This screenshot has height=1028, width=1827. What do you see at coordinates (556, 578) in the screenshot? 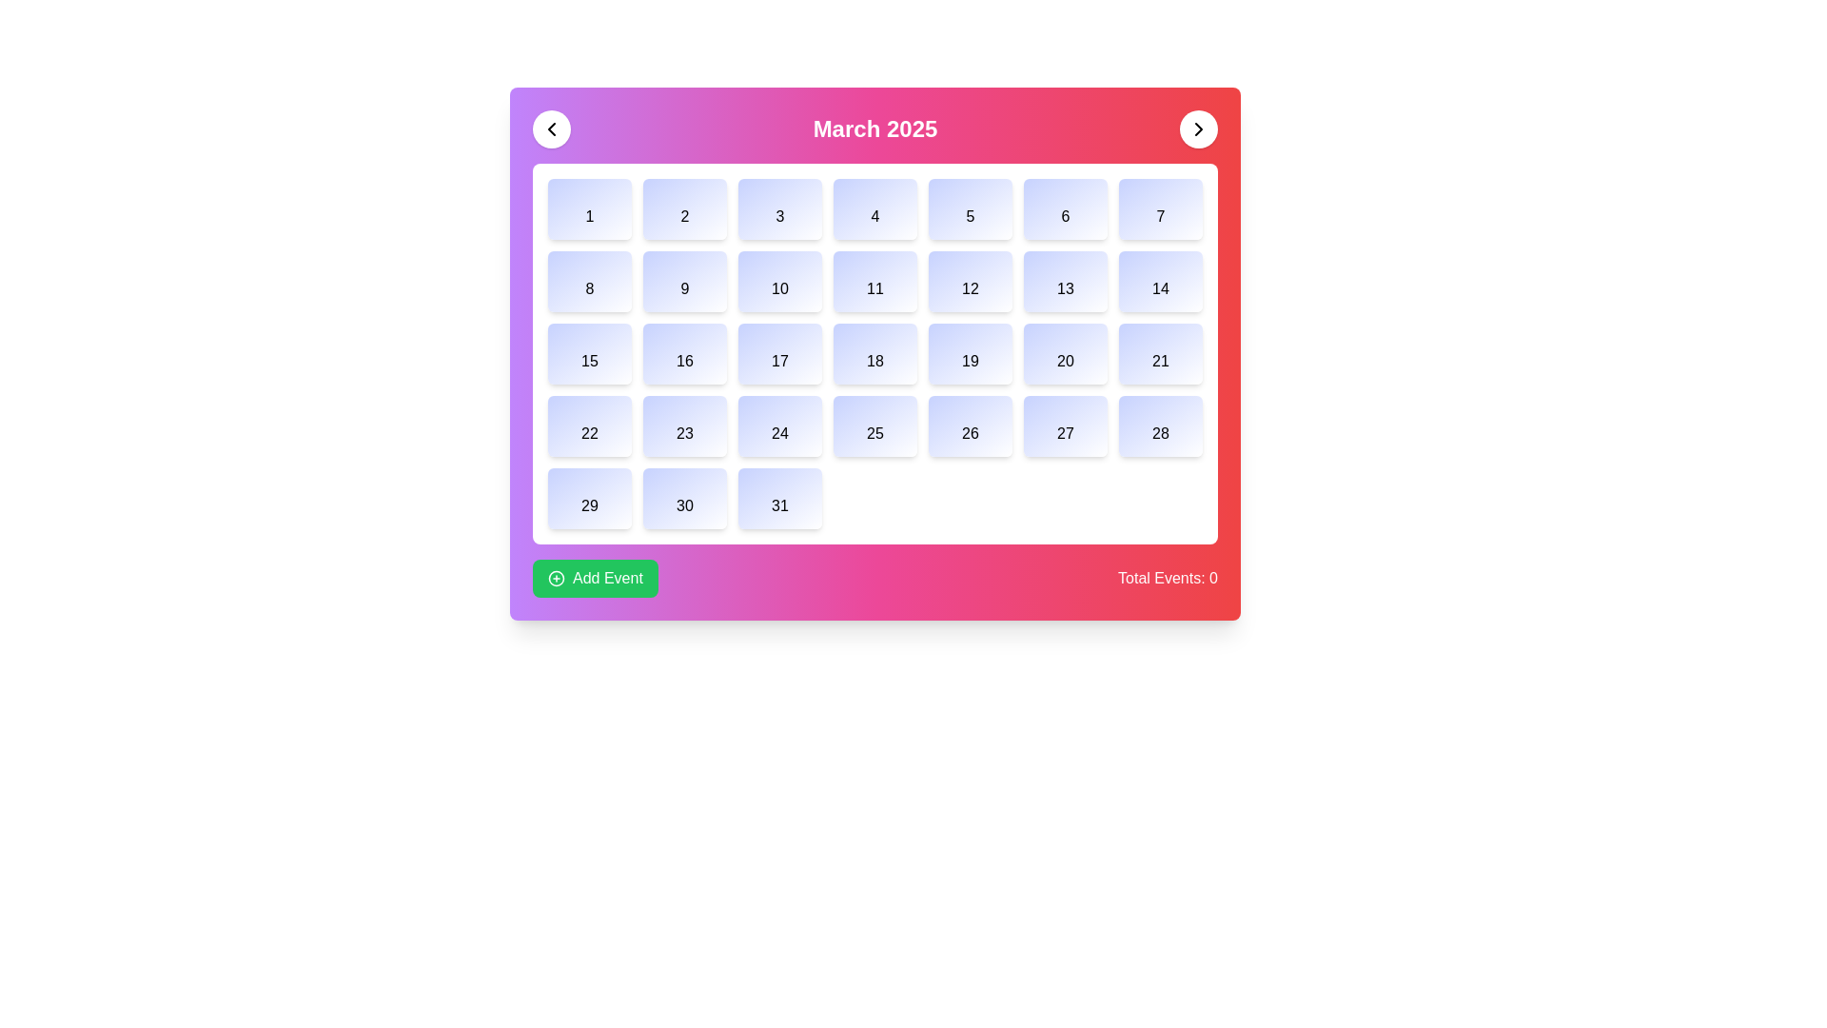
I see `the circular element styled as part of the 'Add Event' button located in the bottom-left of the calendar interface` at bounding box center [556, 578].